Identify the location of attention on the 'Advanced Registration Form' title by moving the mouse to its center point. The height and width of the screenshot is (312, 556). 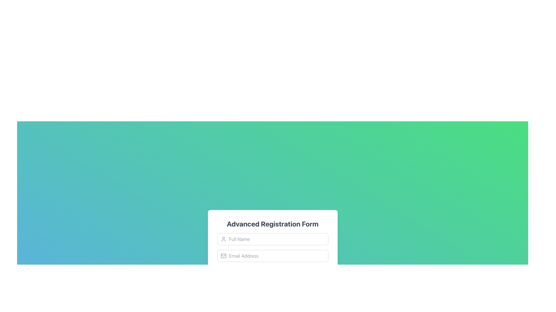
(272, 224).